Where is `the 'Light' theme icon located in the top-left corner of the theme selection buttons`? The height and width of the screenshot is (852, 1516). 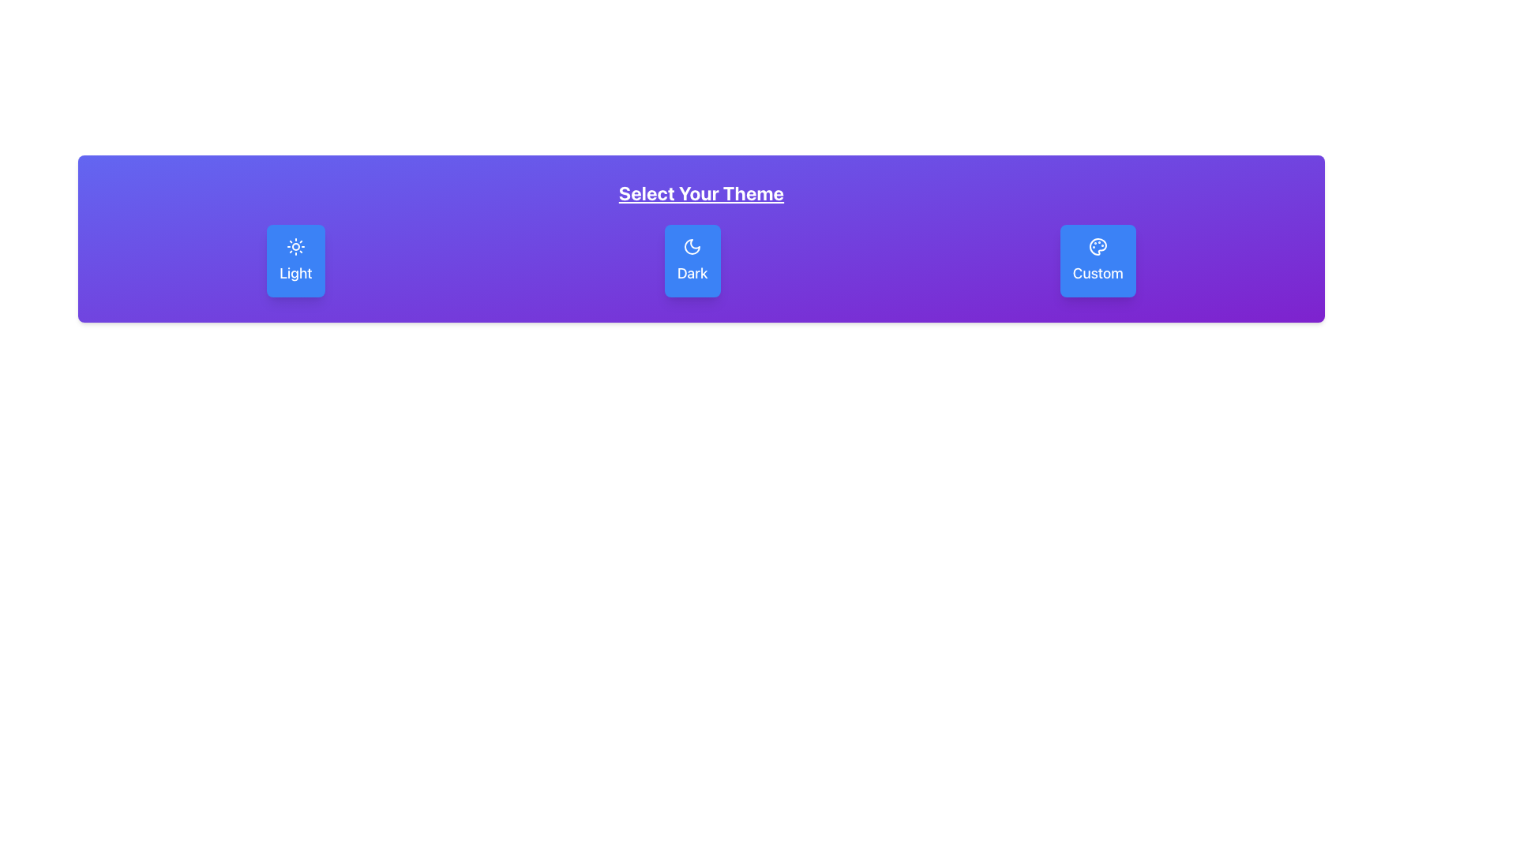
the 'Light' theme icon located in the top-left corner of the theme selection buttons is located at coordinates (295, 246).